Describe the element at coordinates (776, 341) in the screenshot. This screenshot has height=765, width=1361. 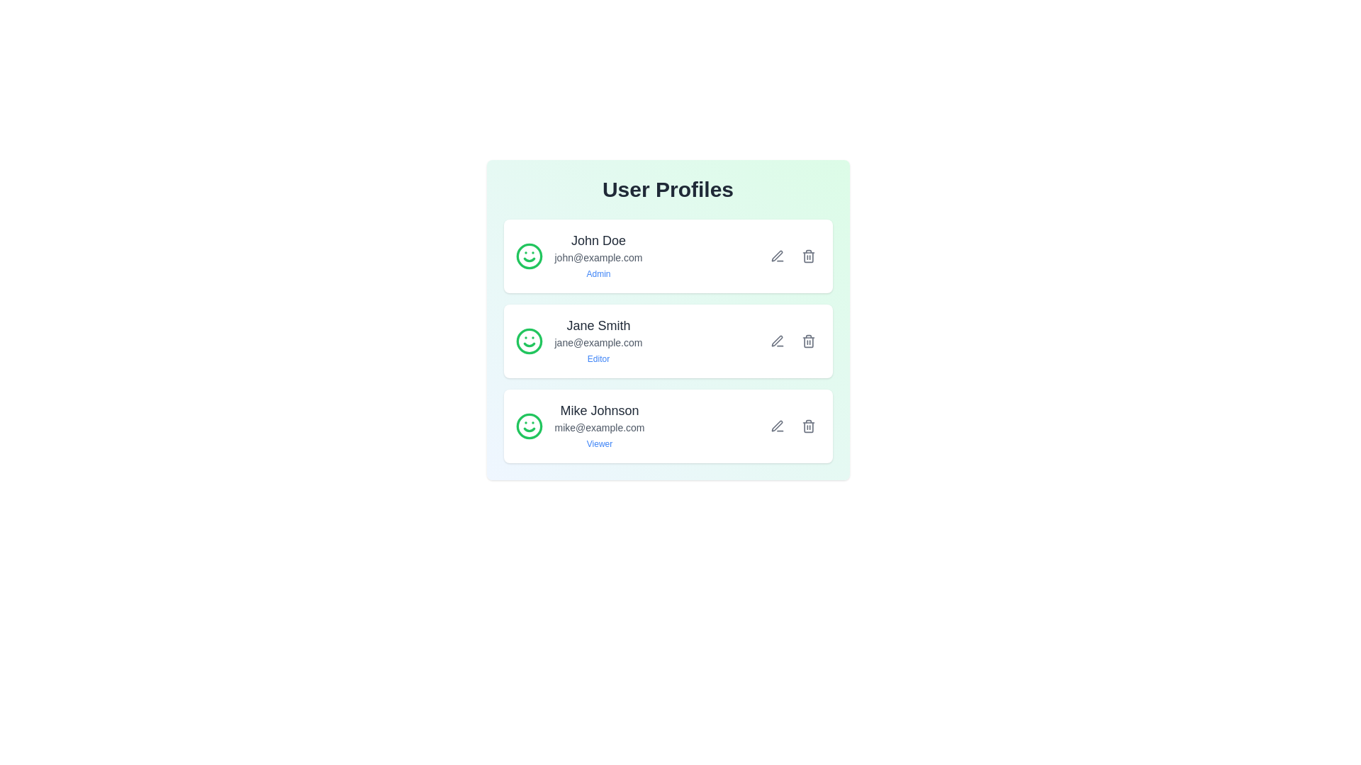
I see `the edit button for the user Jane Smith to modify their details` at that location.